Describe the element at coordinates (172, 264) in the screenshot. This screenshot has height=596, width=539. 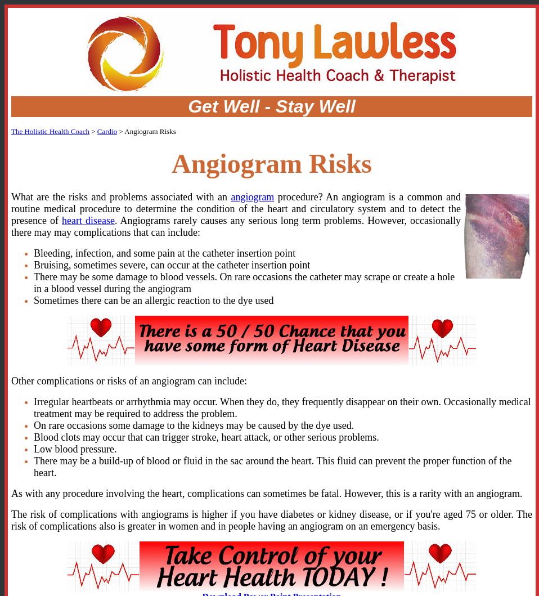
I see `'Bruising, sometimes 
          severe, can occur at the catheter insertion point'` at that location.